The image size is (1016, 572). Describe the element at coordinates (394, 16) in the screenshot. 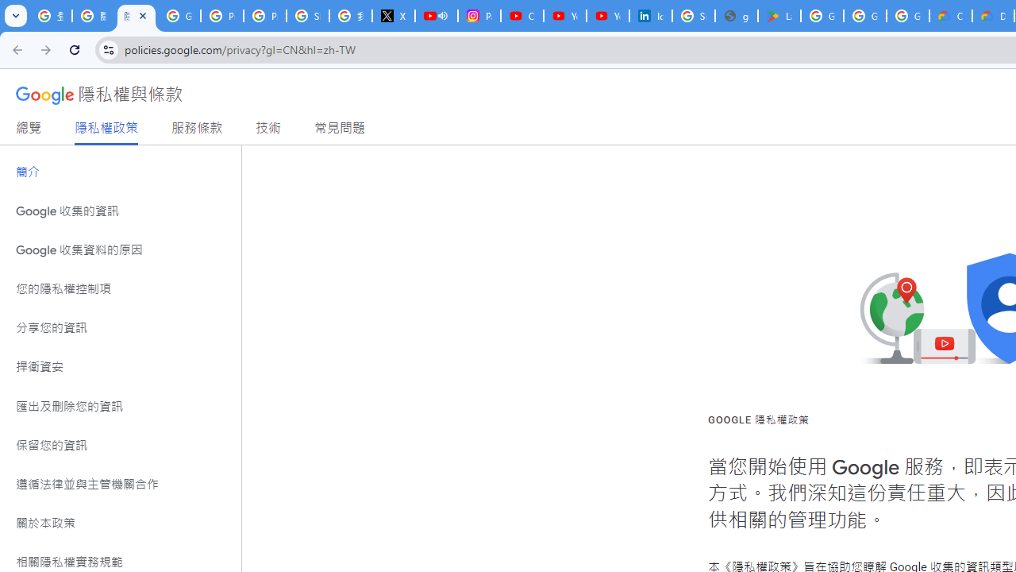

I see `'X'` at that location.